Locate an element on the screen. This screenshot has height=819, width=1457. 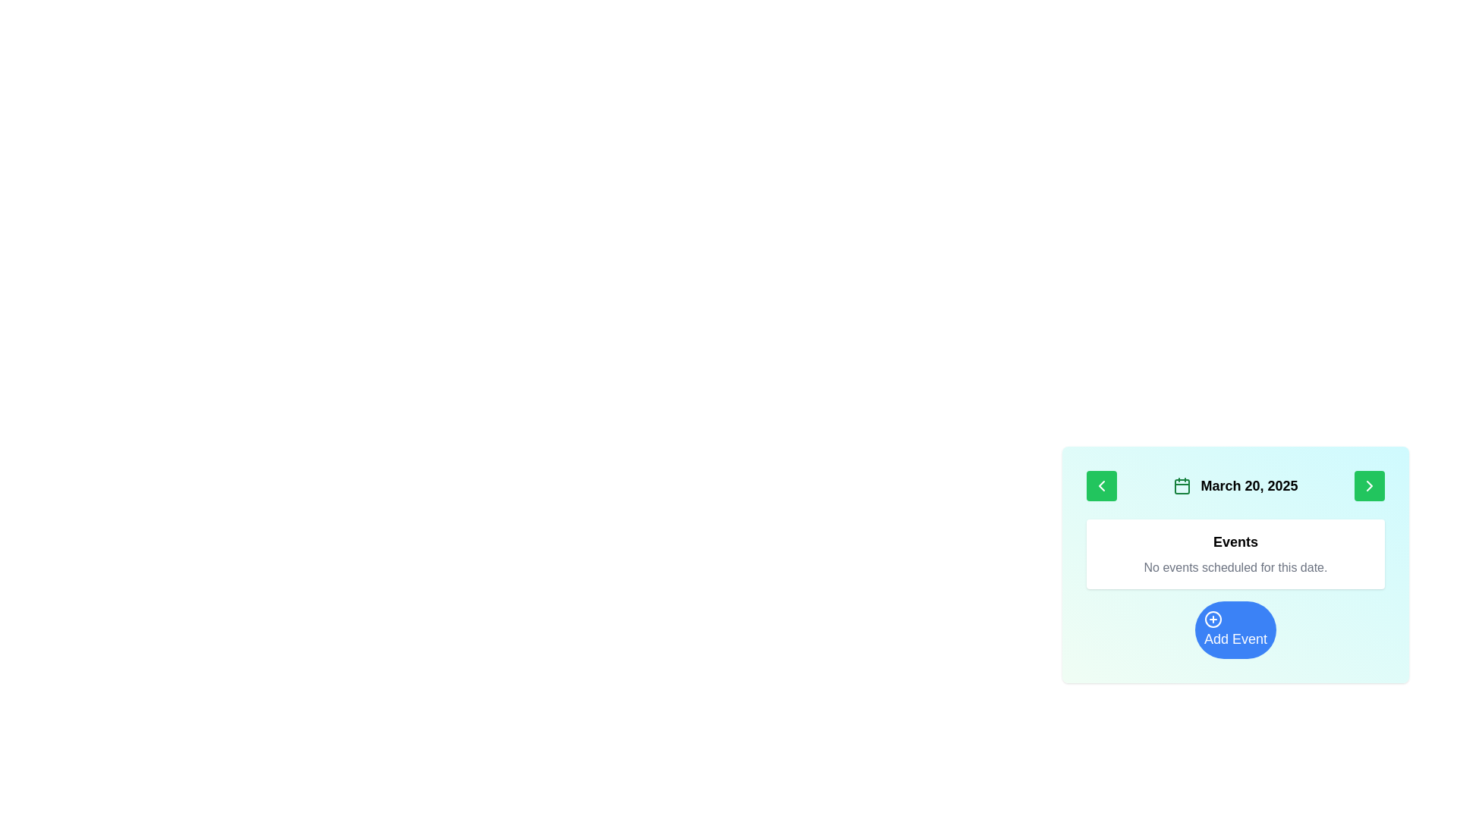
the navigation button located at the top-right of the green button in the calendar interface to advance to the next date or time period is located at coordinates (1369, 485).